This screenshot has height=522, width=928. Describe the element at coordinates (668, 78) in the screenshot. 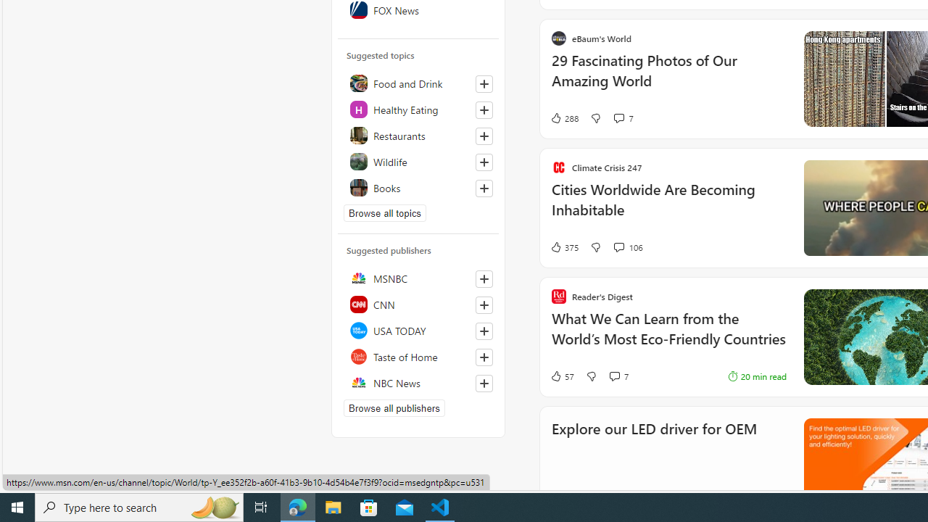

I see `'29 Fascinating Photos of Our Amazing World'` at that location.